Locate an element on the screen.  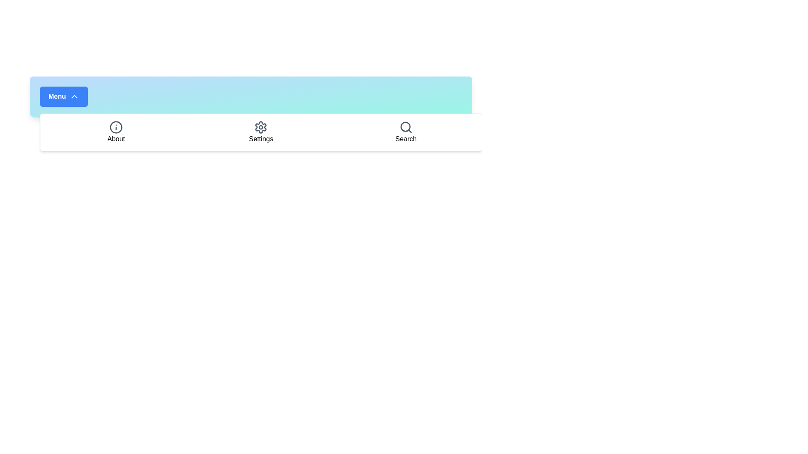
the 'About' menu item is located at coordinates (115, 132).